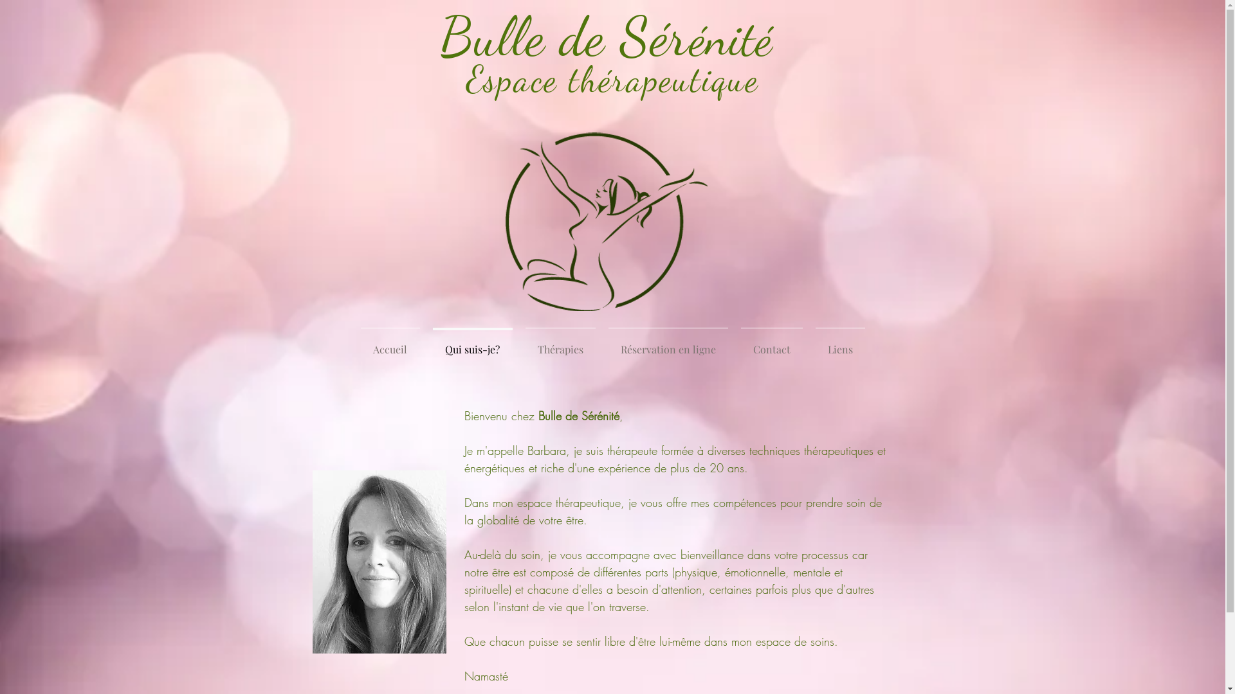 The height and width of the screenshot is (694, 1235). What do you see at coordinates (735, 343) in the screenshot?
I see `'Contact'` at bounding box center [735, 343].